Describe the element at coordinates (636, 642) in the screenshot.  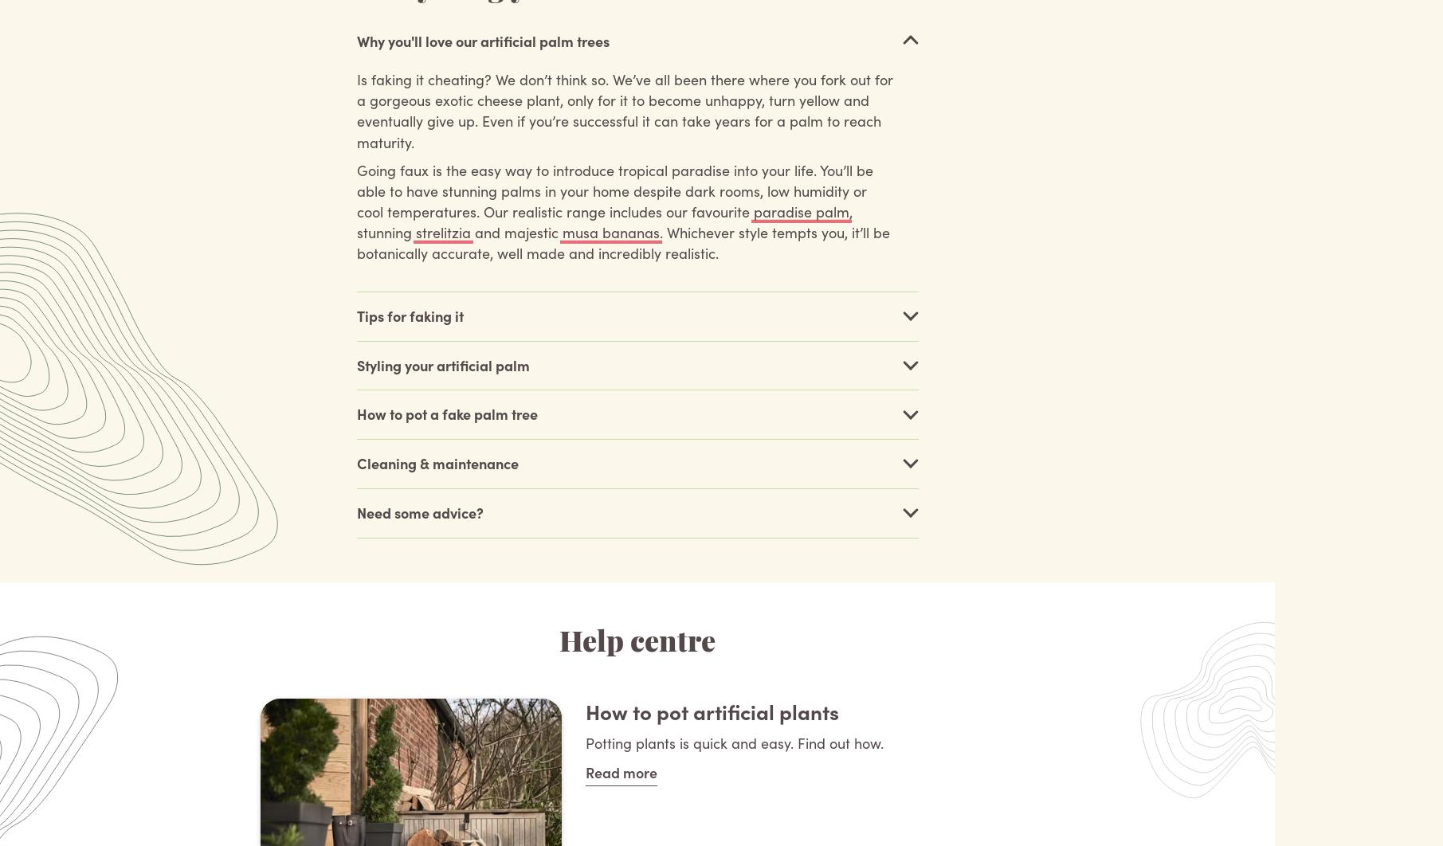
I see `'Help centre'` at that location.